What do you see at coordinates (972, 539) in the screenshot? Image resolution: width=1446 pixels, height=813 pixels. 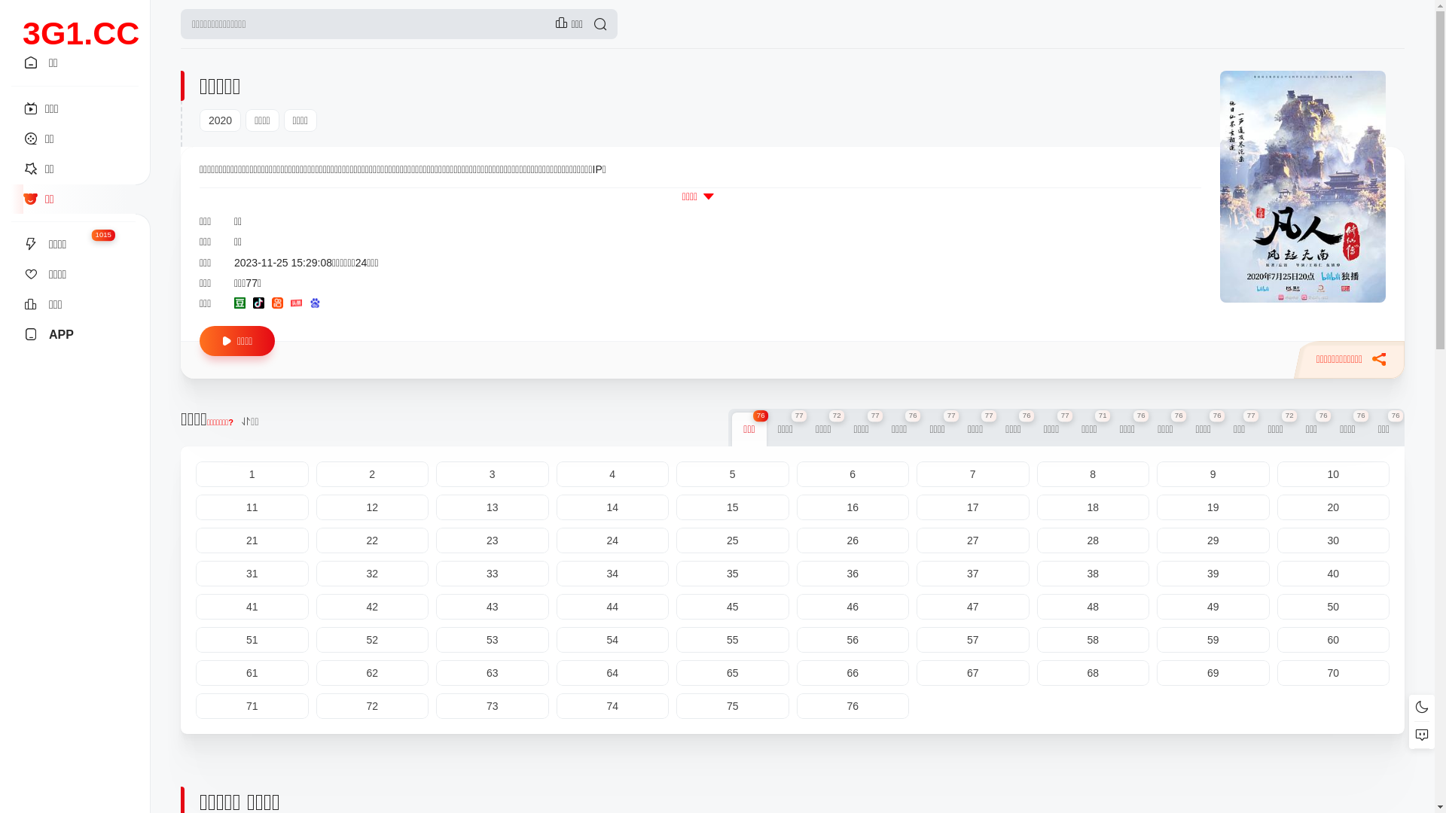 I see `'27'` at bounding box center [972, 539].